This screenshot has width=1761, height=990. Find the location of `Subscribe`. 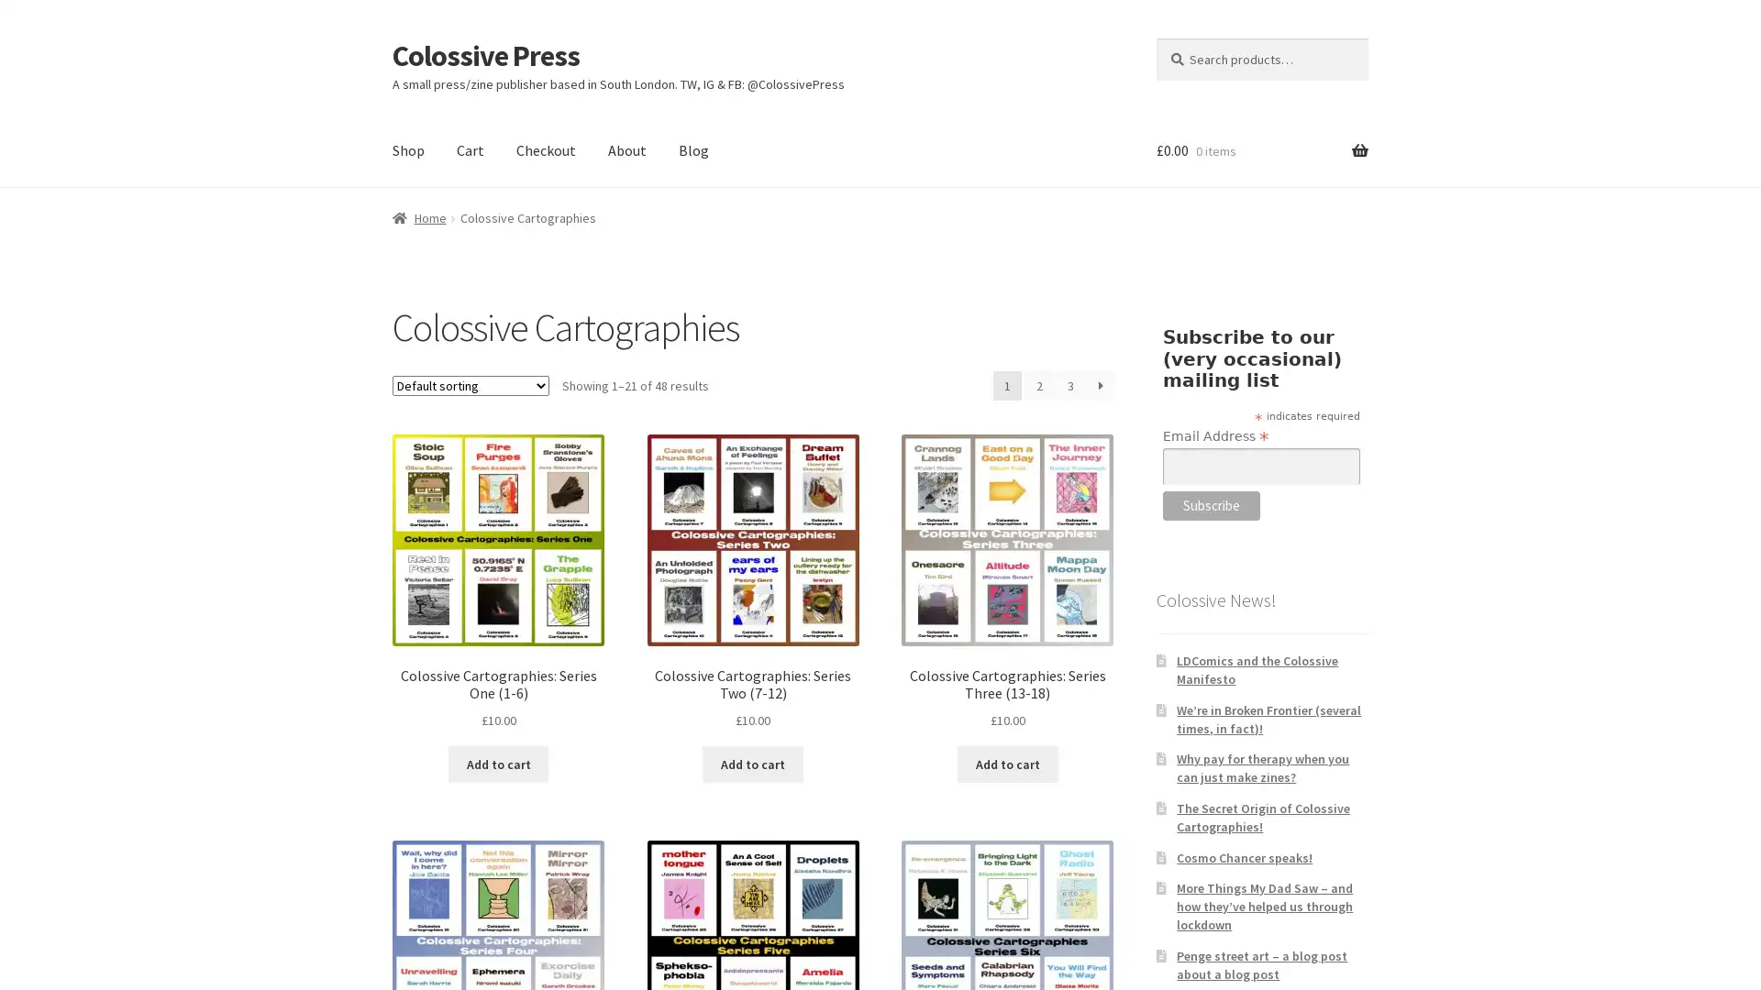

Subscribe is located at coordinates (1211, 505).